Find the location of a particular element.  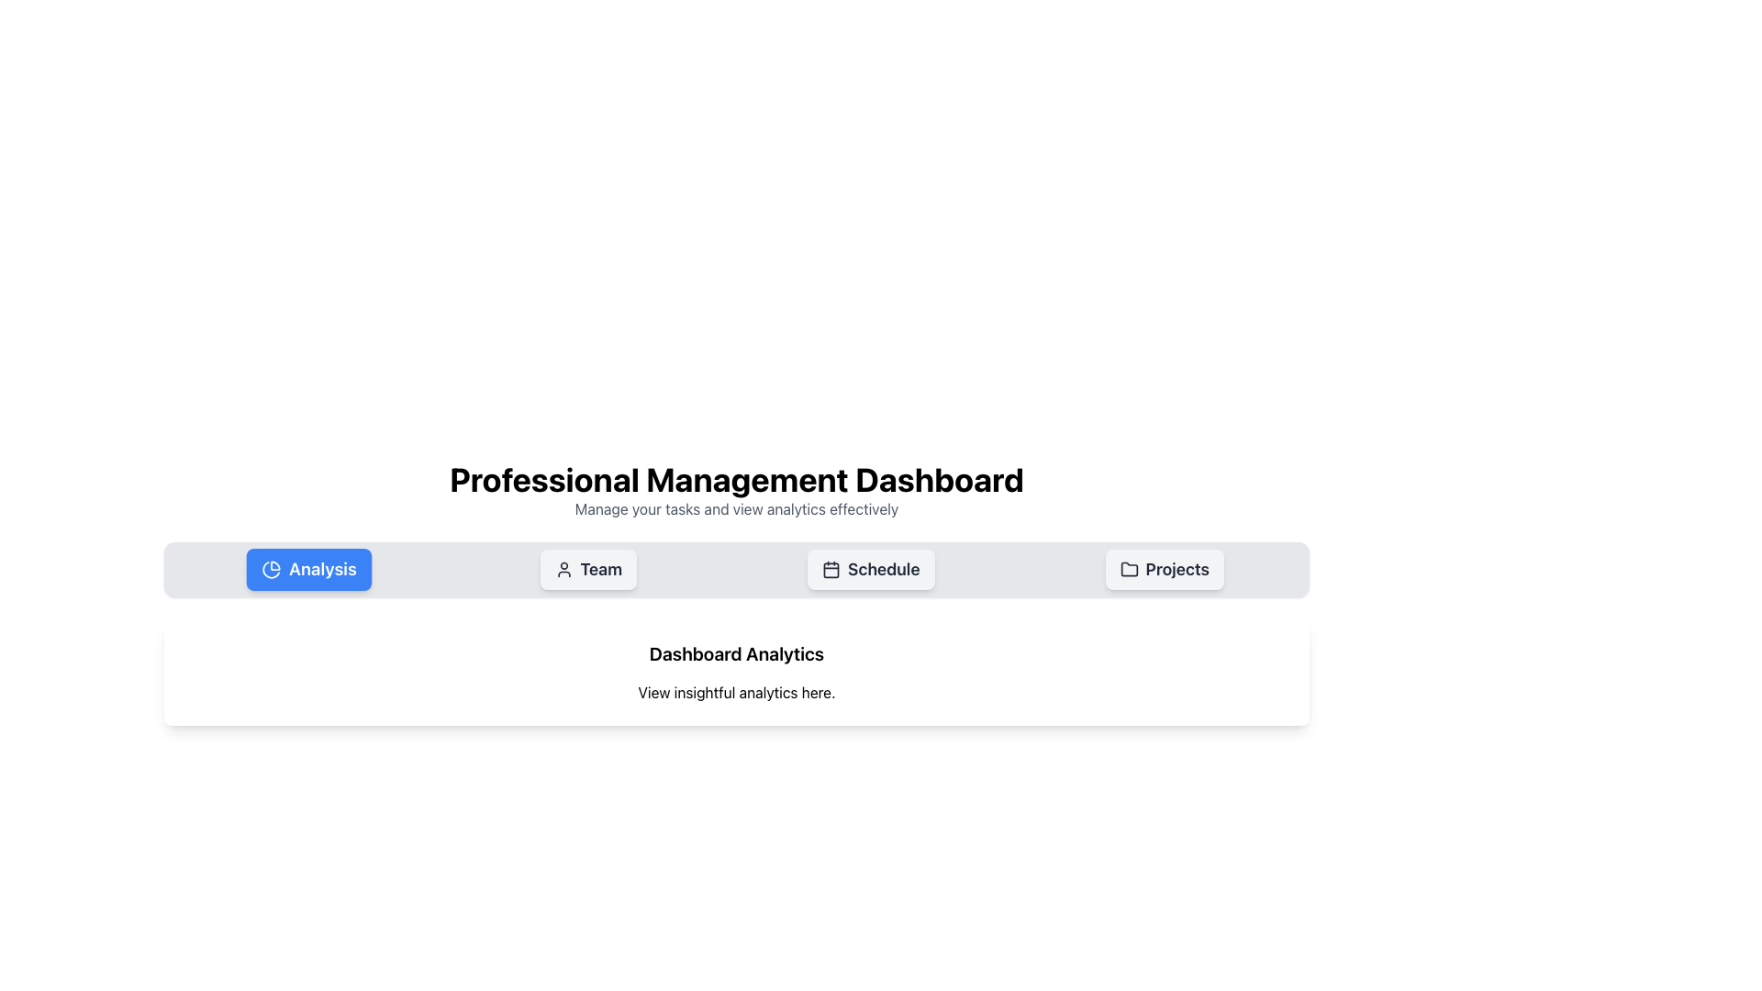

the pie chart icon located inside the blue 'Analysis' button, positioned to the left of the button's text is located at coordinates (271, 569).